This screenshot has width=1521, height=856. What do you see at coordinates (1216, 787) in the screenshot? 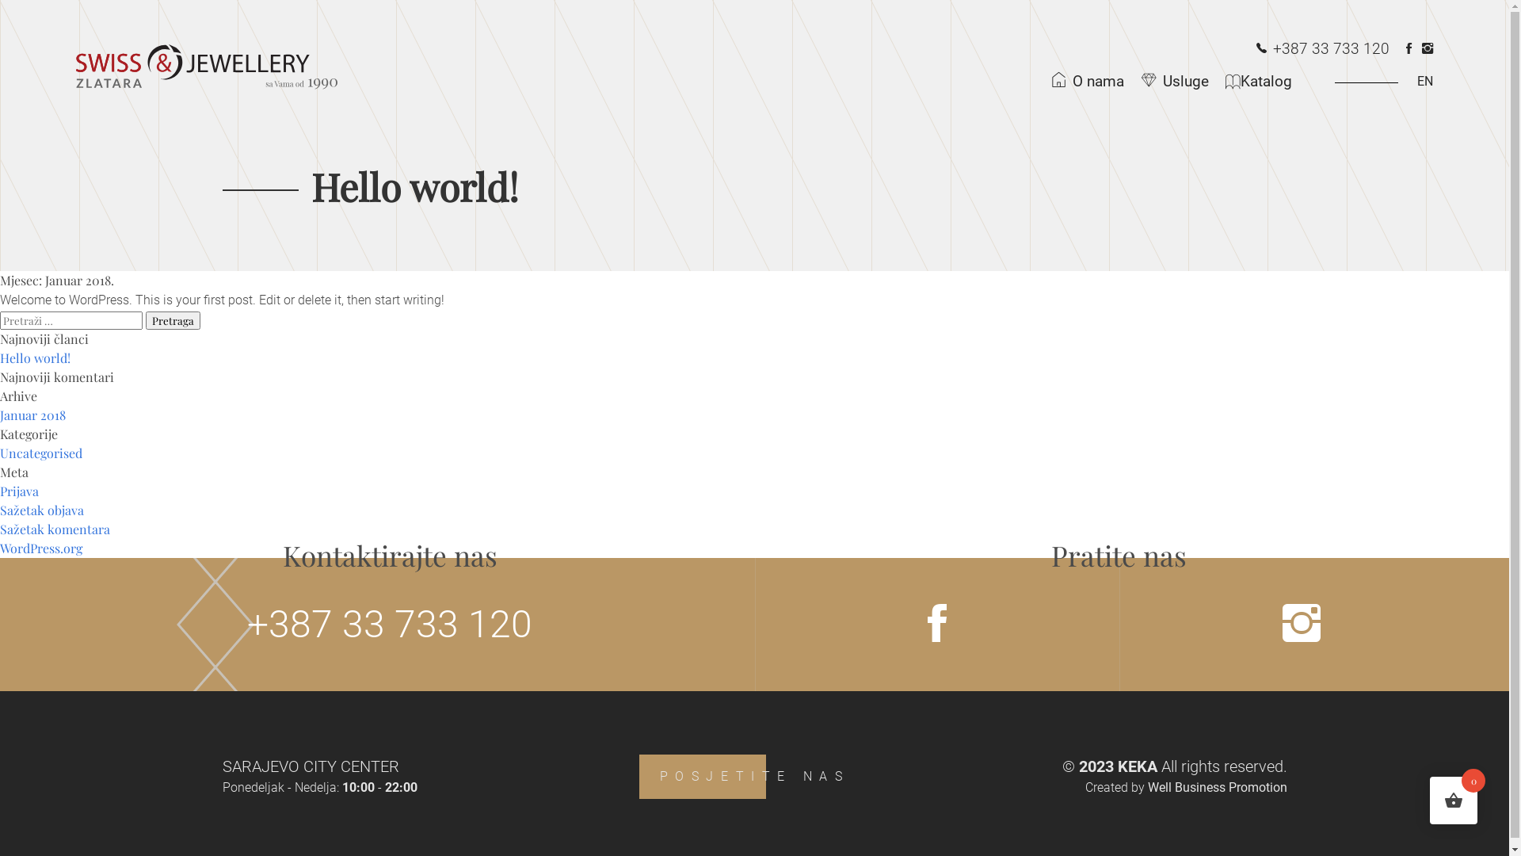
I see `'Well Business Promotion'` at bounding box center [1216, 787].